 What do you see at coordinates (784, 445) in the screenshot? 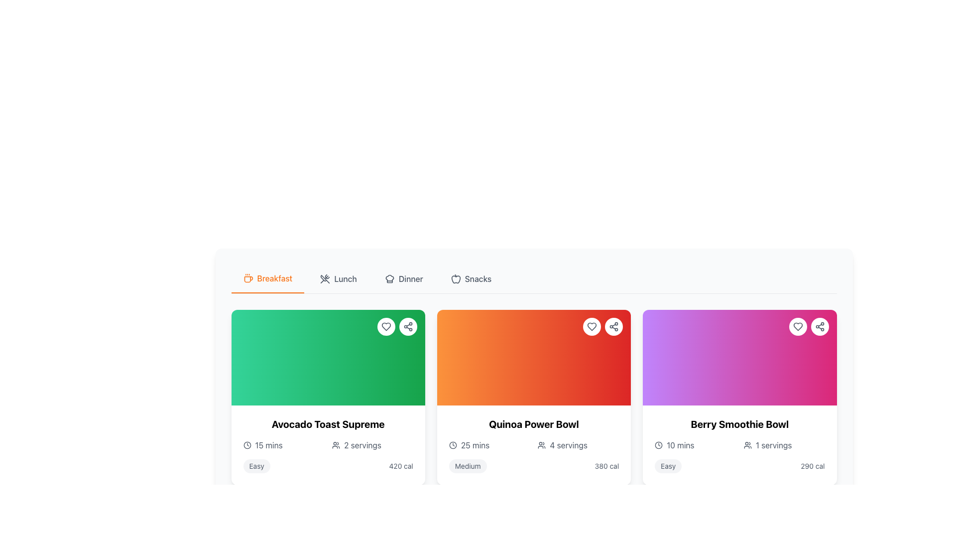
I see `quantity of servings indicated by the textual label with an icon, located below the 'Berry Smoothie Bowl' recipe title and above the calorie count` at bounding box center [784, 445].